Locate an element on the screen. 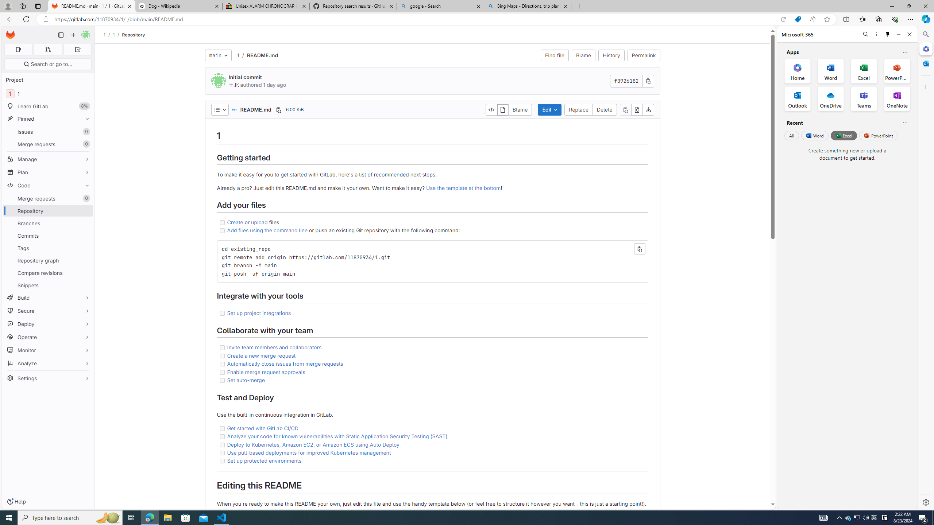 Image resolution: width=934 pixels, height=525 pixels. 'Merge requests0' is located at coordinates (47, 198).